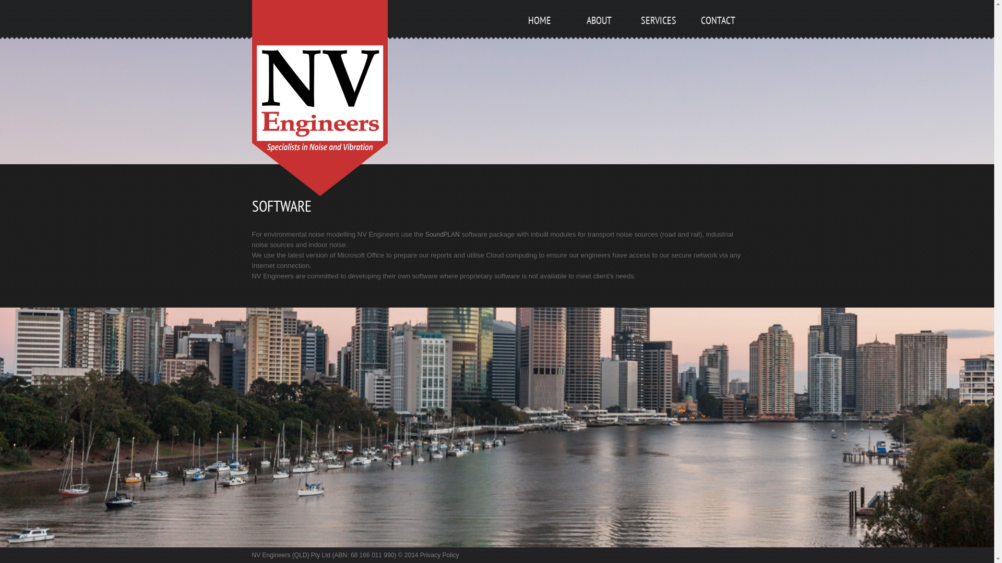 The image size is (1002, 563). Describe the element at coordinates (443, 235) in the screenshot. I see `'SoundPLAN'` at that location.